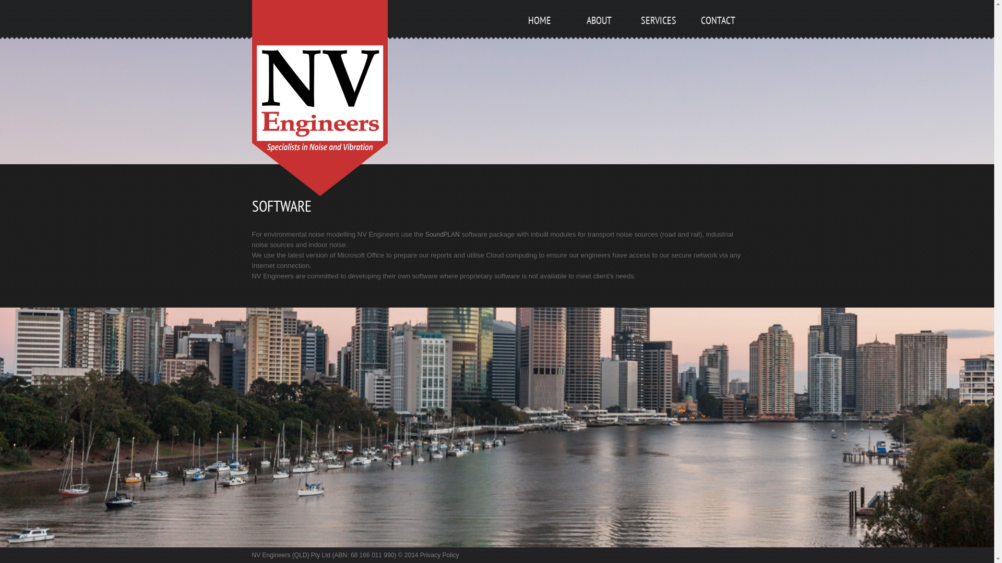 The image size is (1002, 563). Describe the element at coordinates (443, 235) in the screenshot. I see `'SoundPLAN'` at that location.